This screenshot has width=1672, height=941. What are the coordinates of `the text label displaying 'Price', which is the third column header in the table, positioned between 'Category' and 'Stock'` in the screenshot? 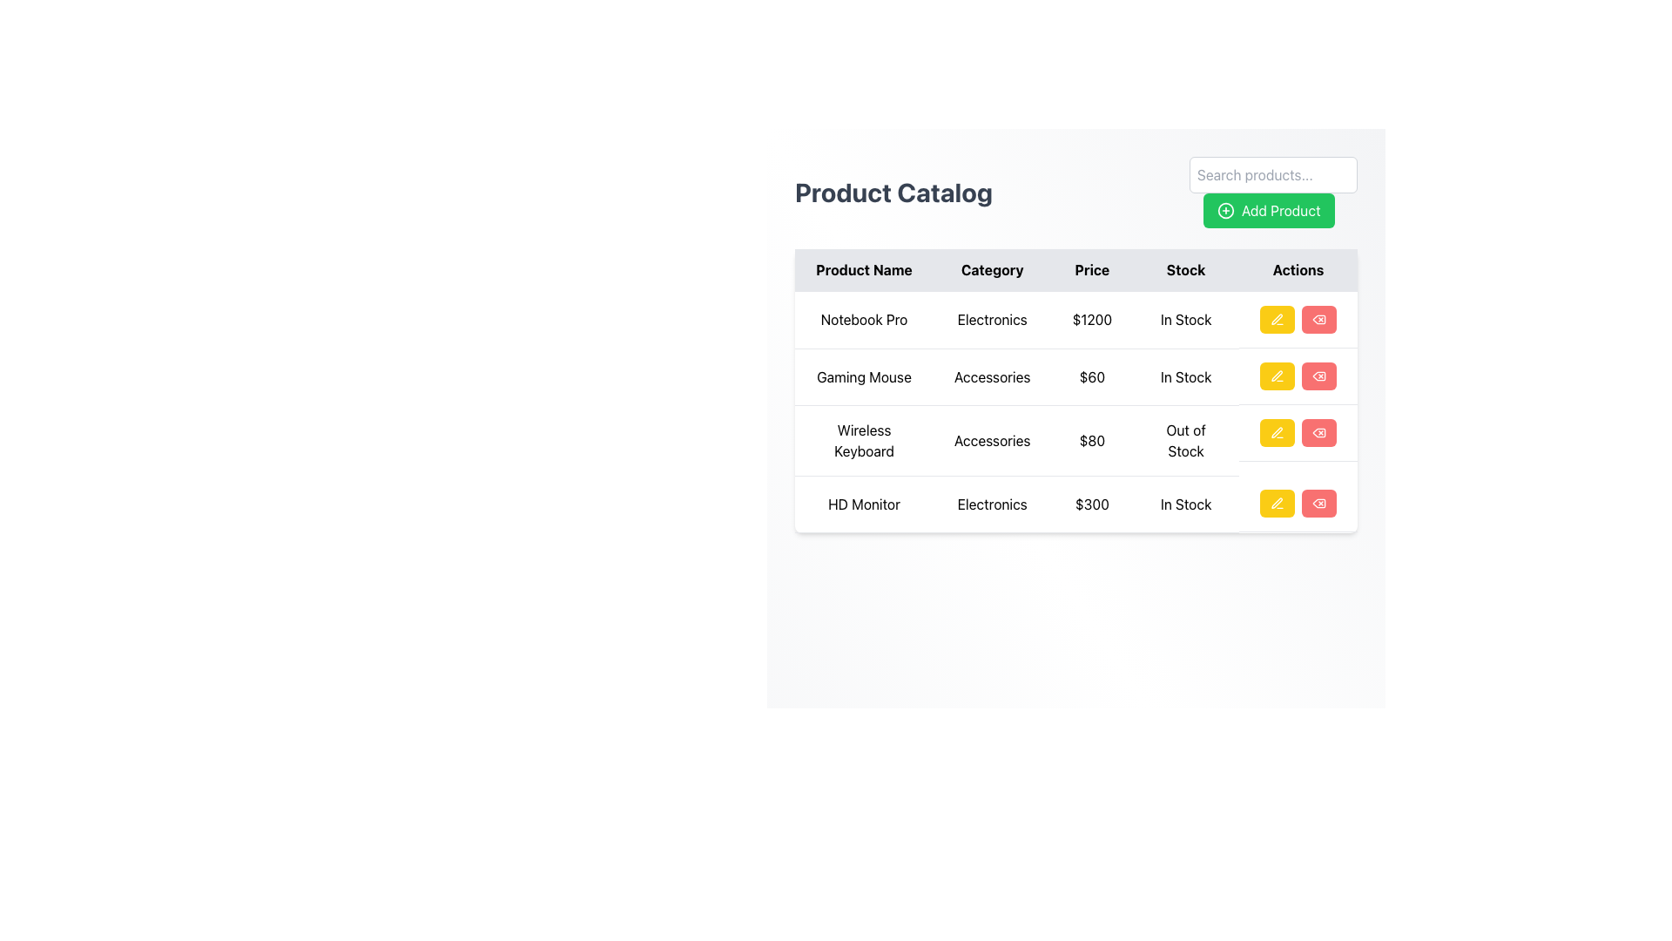 It's located at (1091, 270).